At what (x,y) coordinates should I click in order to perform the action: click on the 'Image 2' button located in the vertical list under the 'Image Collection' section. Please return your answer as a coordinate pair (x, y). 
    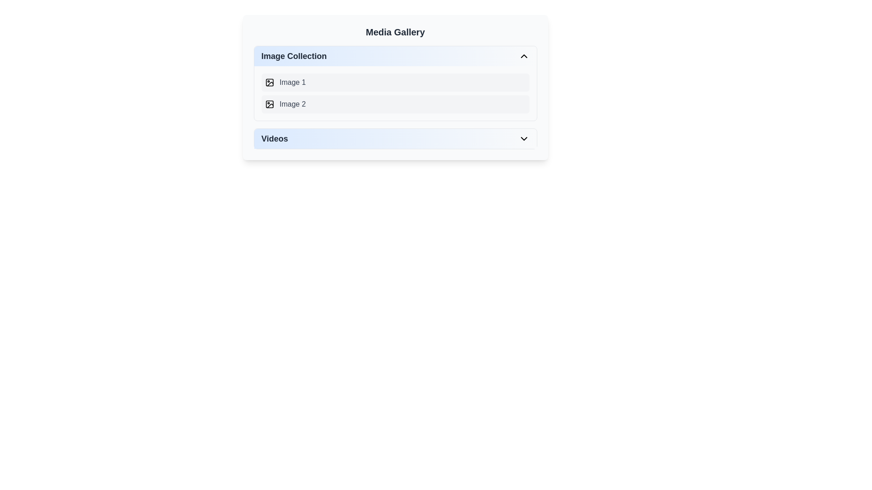
    Looking at the image, I should click on (395, 104).